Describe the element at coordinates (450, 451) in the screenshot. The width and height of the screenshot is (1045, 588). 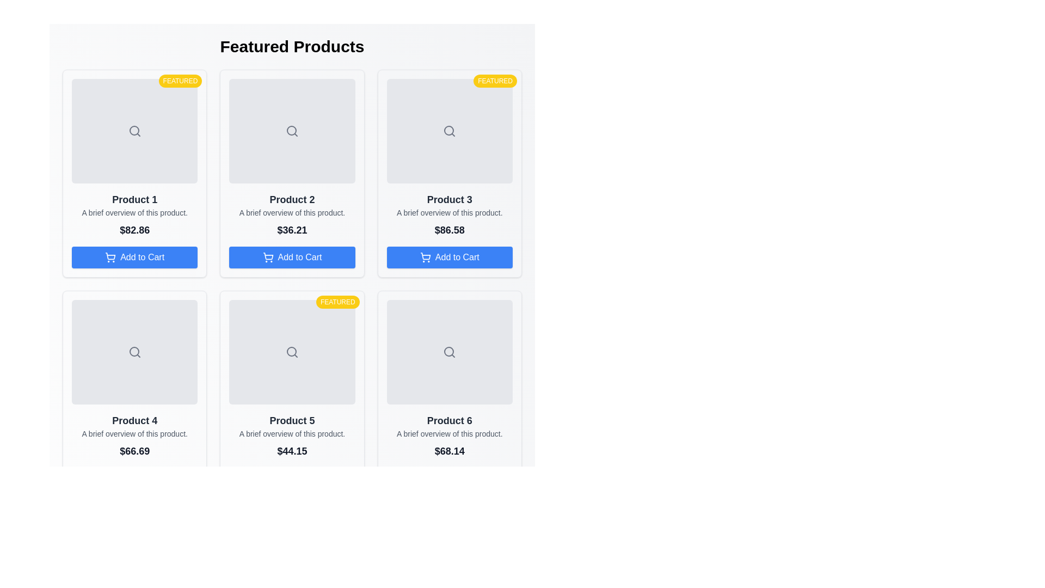
I see `text label displaying the price for 'Product 6' located in the second row, third column of the product grid` at that location.